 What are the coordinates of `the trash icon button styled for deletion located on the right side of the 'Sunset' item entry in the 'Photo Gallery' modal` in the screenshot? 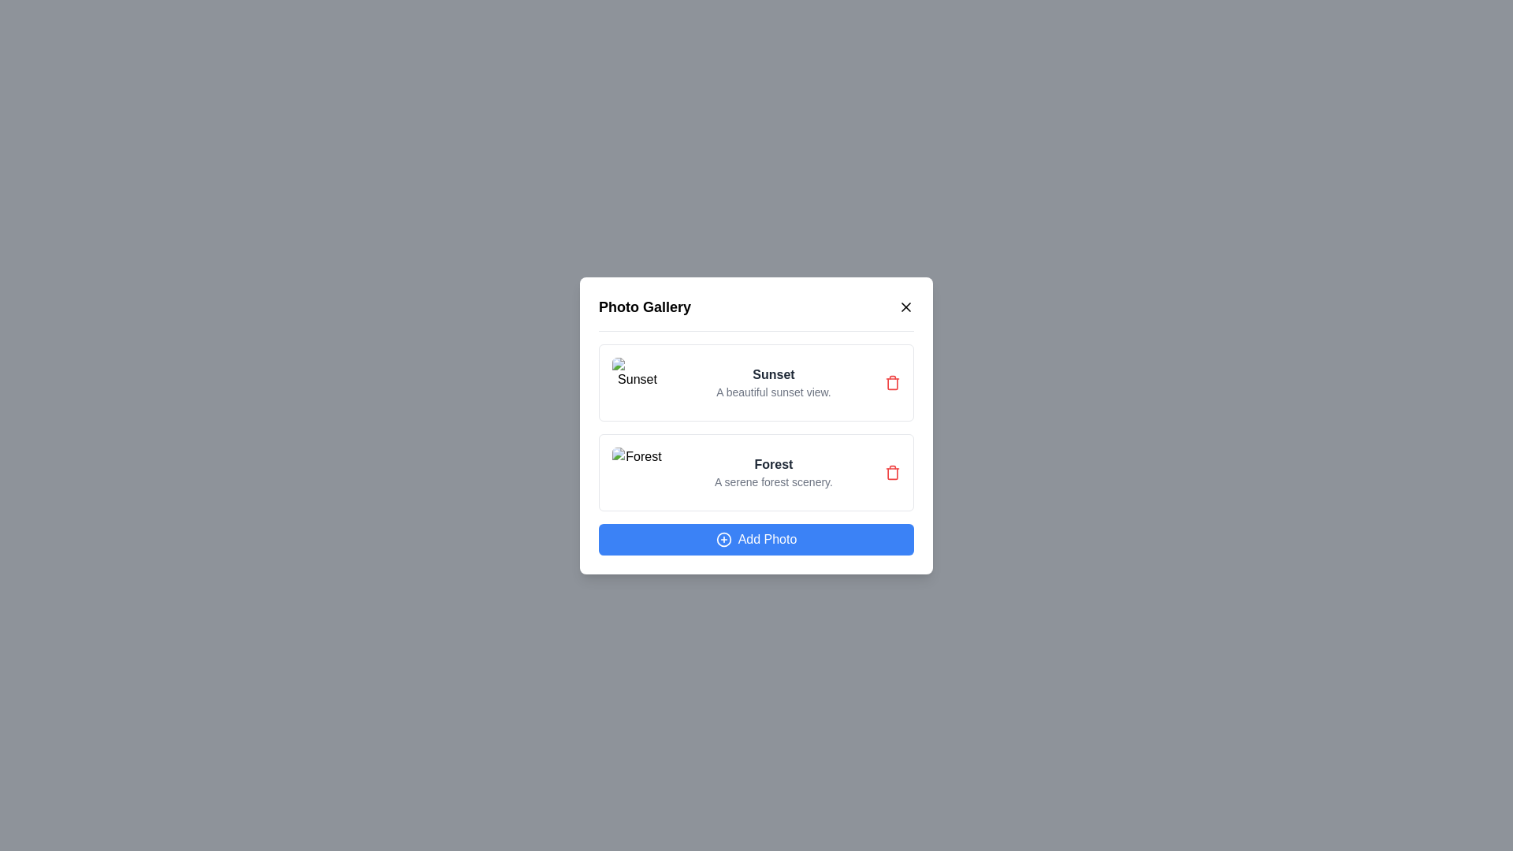 It's located at (892, 383).